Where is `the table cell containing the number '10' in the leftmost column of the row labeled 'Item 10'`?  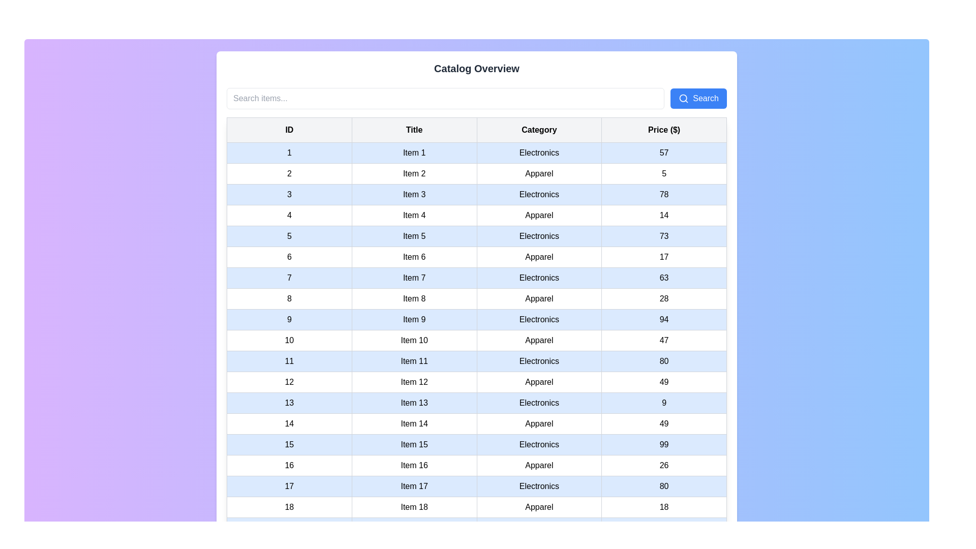 the table cell containing the number '10' in the leftmost column of the row labeled 'Item 10' is located at coordinates (289, 341).